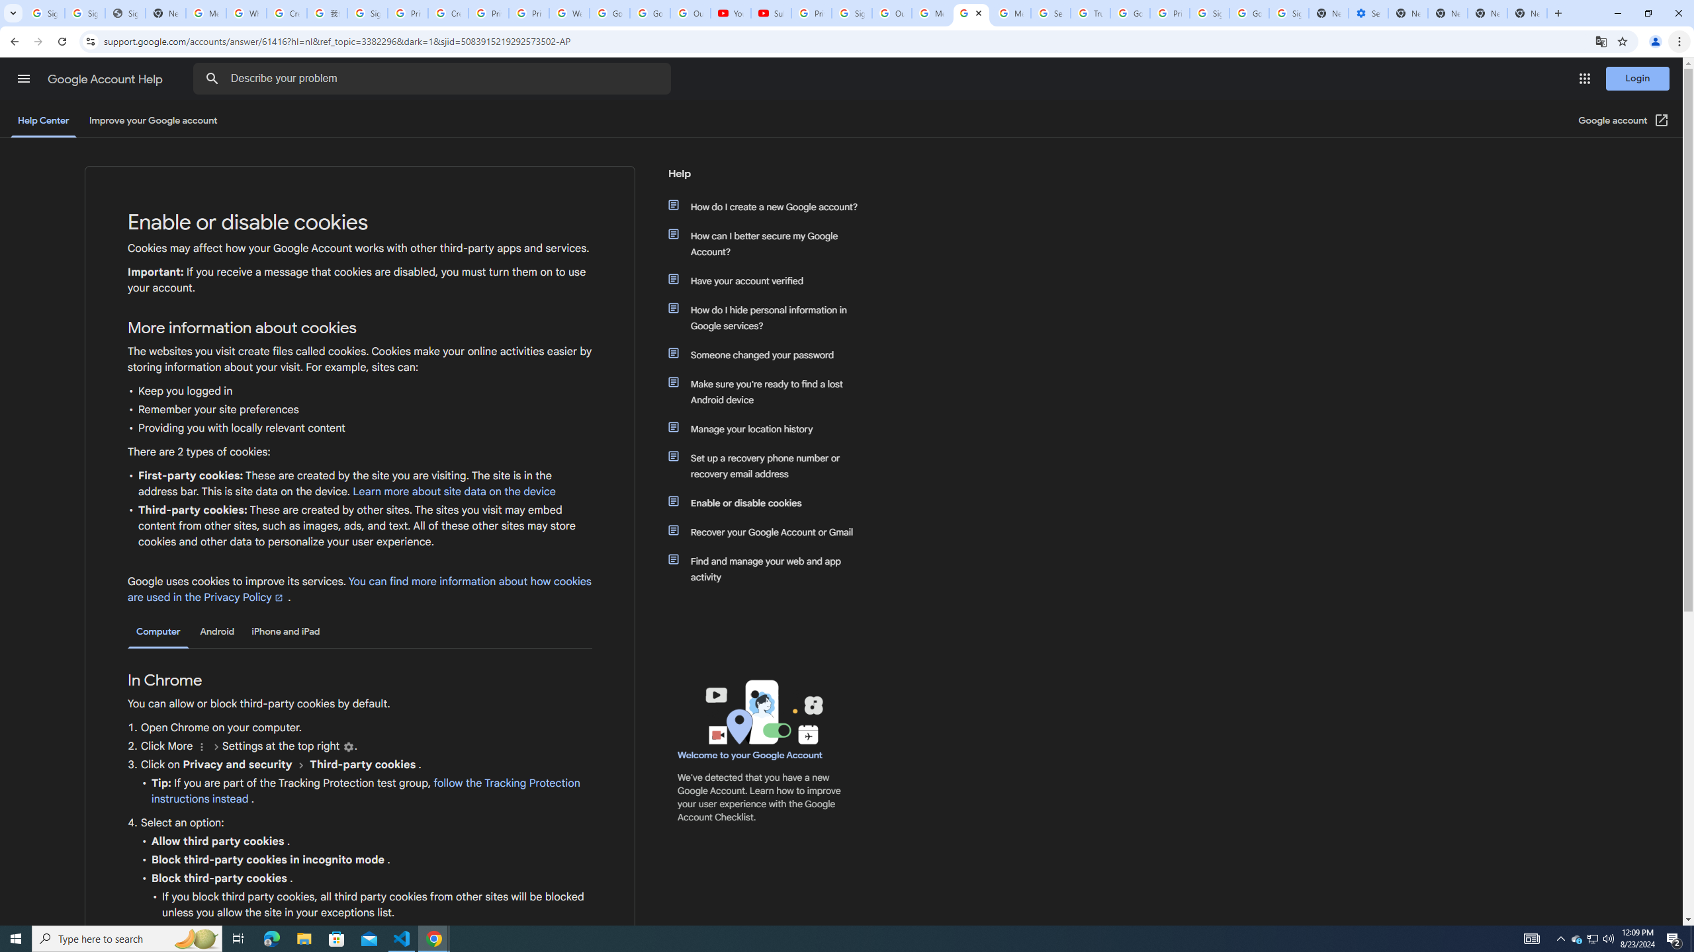  I want to click on 'Google Ads - Sign in', so click(1130, 13).